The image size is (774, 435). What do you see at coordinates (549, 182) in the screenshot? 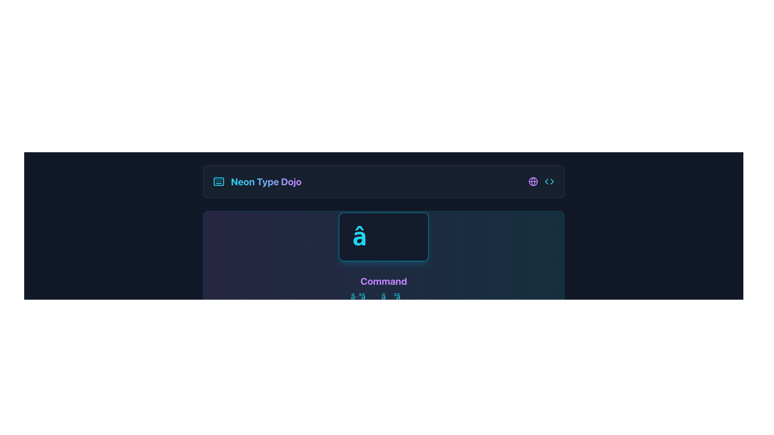
I see `the cyan icon featuring two angular brackets with a line in between, which represents a code or development symbol, located as the second icon in a horizontal group at the top-right section of the interface` at bounding box center [549, 182].